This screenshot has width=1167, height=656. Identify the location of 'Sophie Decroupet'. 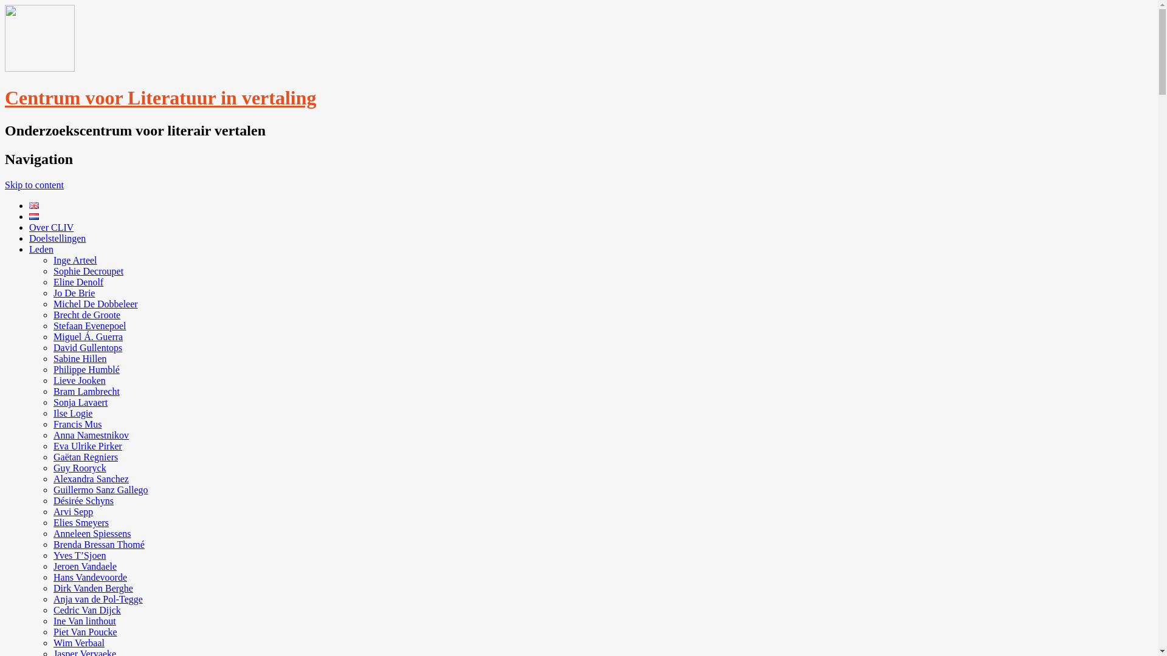
(88, 270).